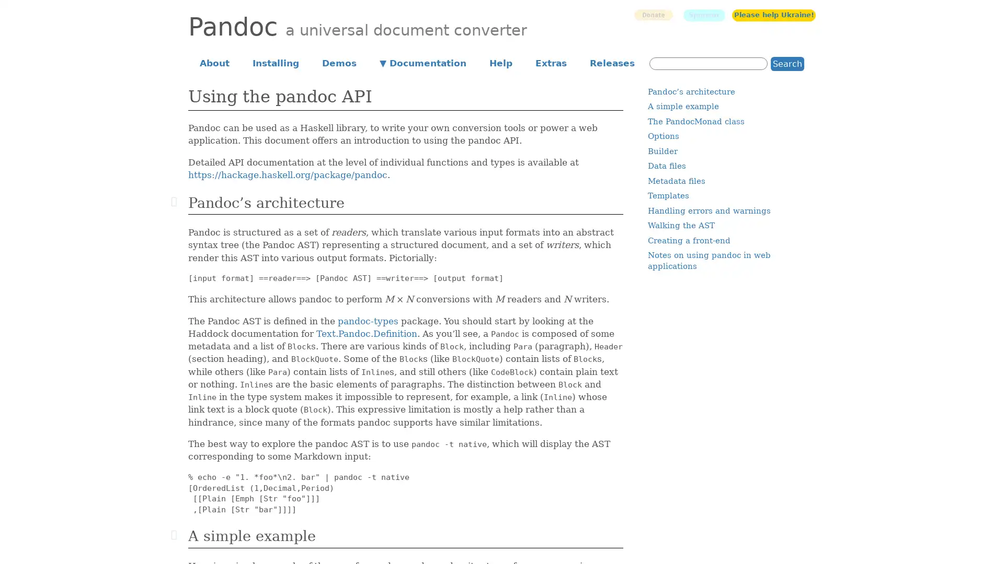  Describe the element at coordinates (423, 62) in the screenshot. I see `Documentation` at that location.